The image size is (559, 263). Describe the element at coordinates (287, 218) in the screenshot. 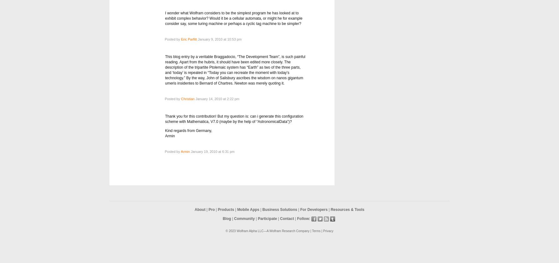

I see `'Contact'` at that location.